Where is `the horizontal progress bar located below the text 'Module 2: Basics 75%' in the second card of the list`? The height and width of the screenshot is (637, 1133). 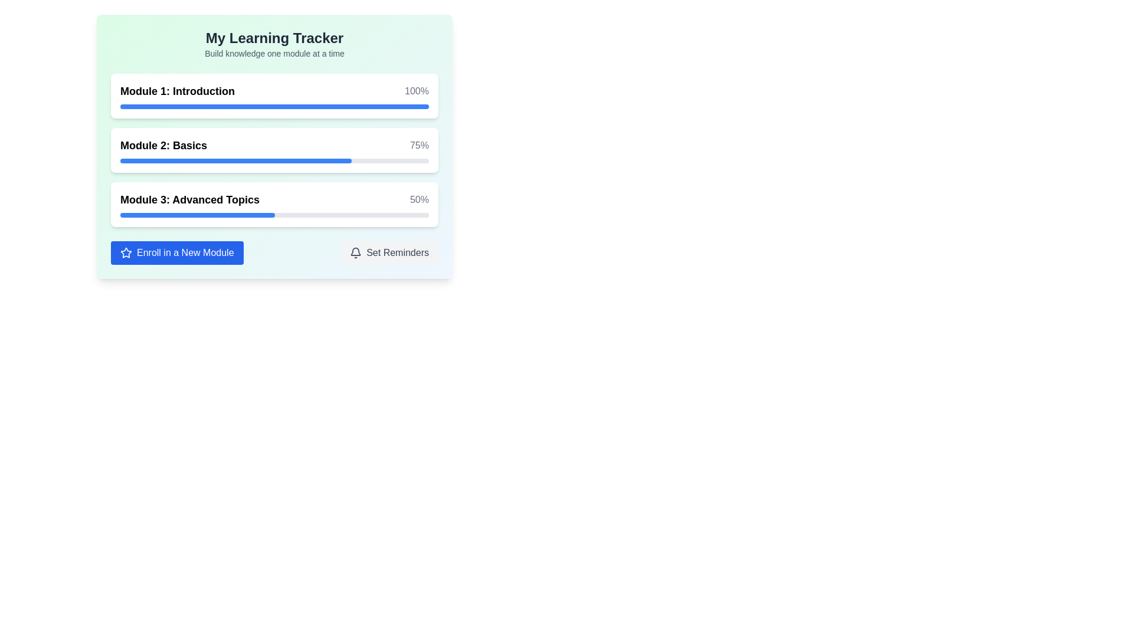
the horizontal progress bar located below the text 'Module 2: Basics 75%' in the second card of the list is located at coordinates (274, 161).